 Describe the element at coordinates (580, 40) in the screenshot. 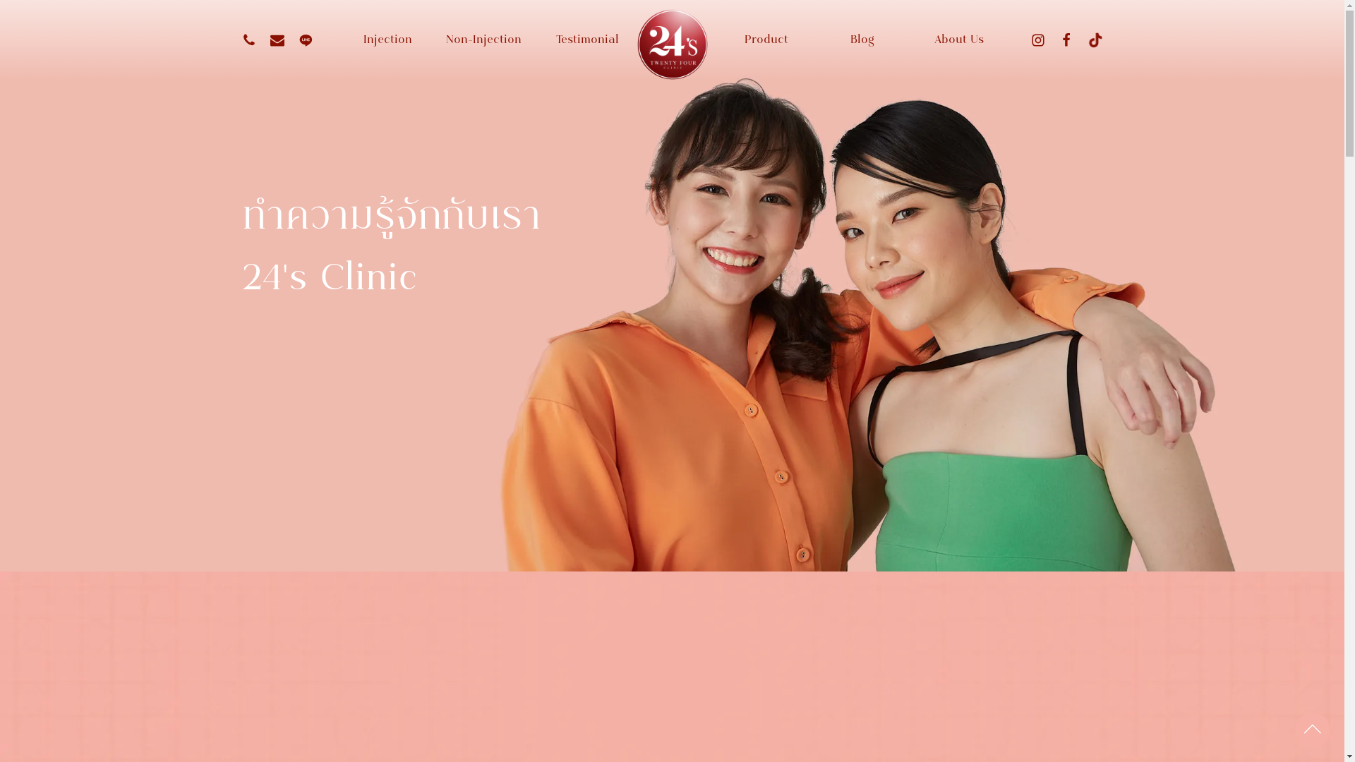

I see `'Testimonial'` at that location.